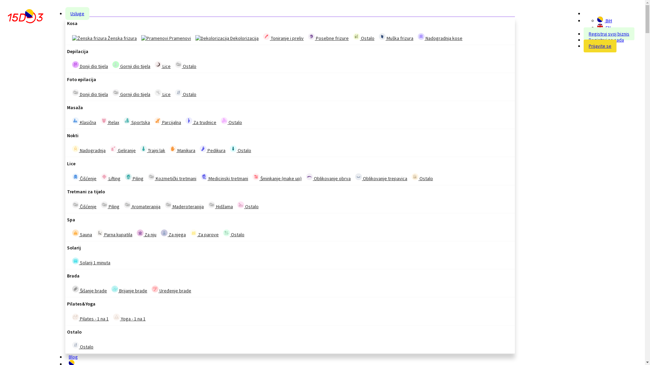 Image resolution: width=650 pixels, height=365 pixels. Describe the element at coordinates (355, 176) in the screenshot. I see `'Oblikovanje trepavica'` at that location.